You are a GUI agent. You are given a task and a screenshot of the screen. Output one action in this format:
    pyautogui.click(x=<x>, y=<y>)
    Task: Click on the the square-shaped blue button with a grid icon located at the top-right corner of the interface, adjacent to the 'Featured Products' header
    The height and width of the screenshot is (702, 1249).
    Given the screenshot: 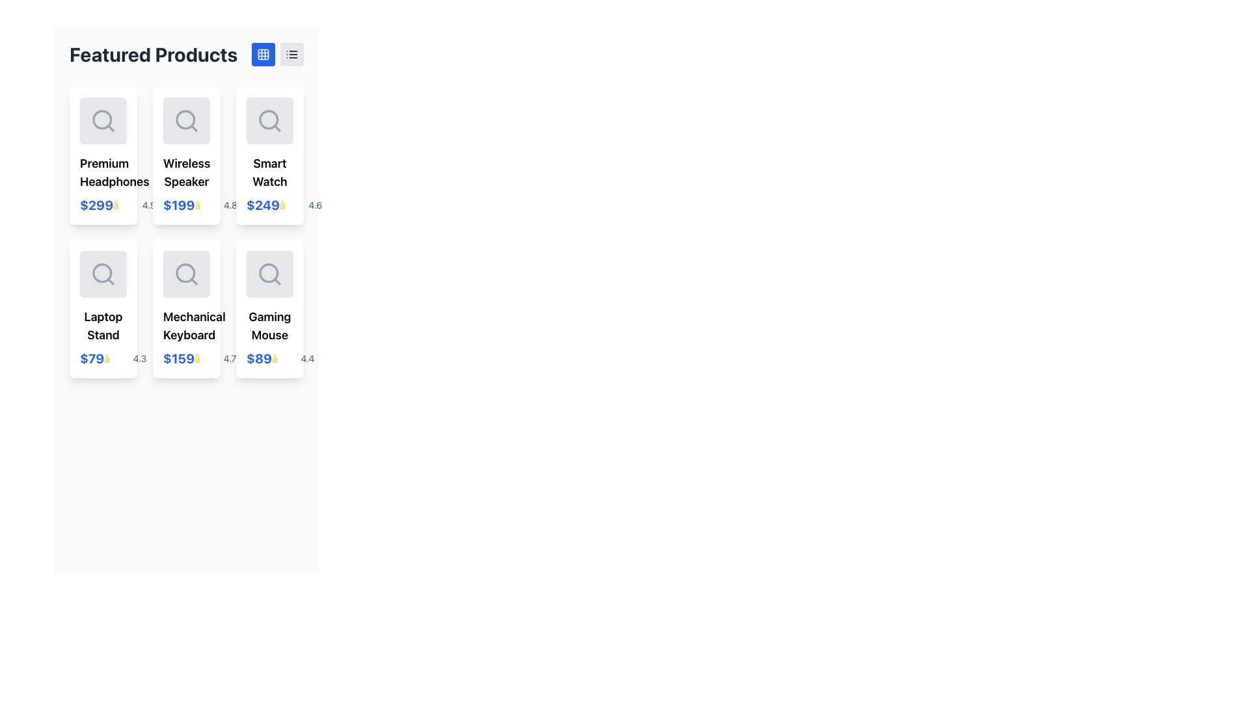 What is the action you would take?
    pyautogui.click(x=262, y=54)
    